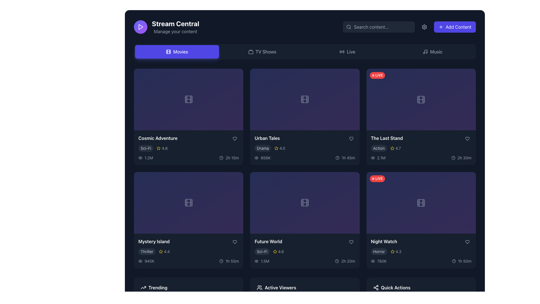 The width and height of the screenshot is (540, 304). I want to click on the 'favorite' or 'like' button located in the top-right corner of the movie card for 'Urban Tales', so click(235, 139).